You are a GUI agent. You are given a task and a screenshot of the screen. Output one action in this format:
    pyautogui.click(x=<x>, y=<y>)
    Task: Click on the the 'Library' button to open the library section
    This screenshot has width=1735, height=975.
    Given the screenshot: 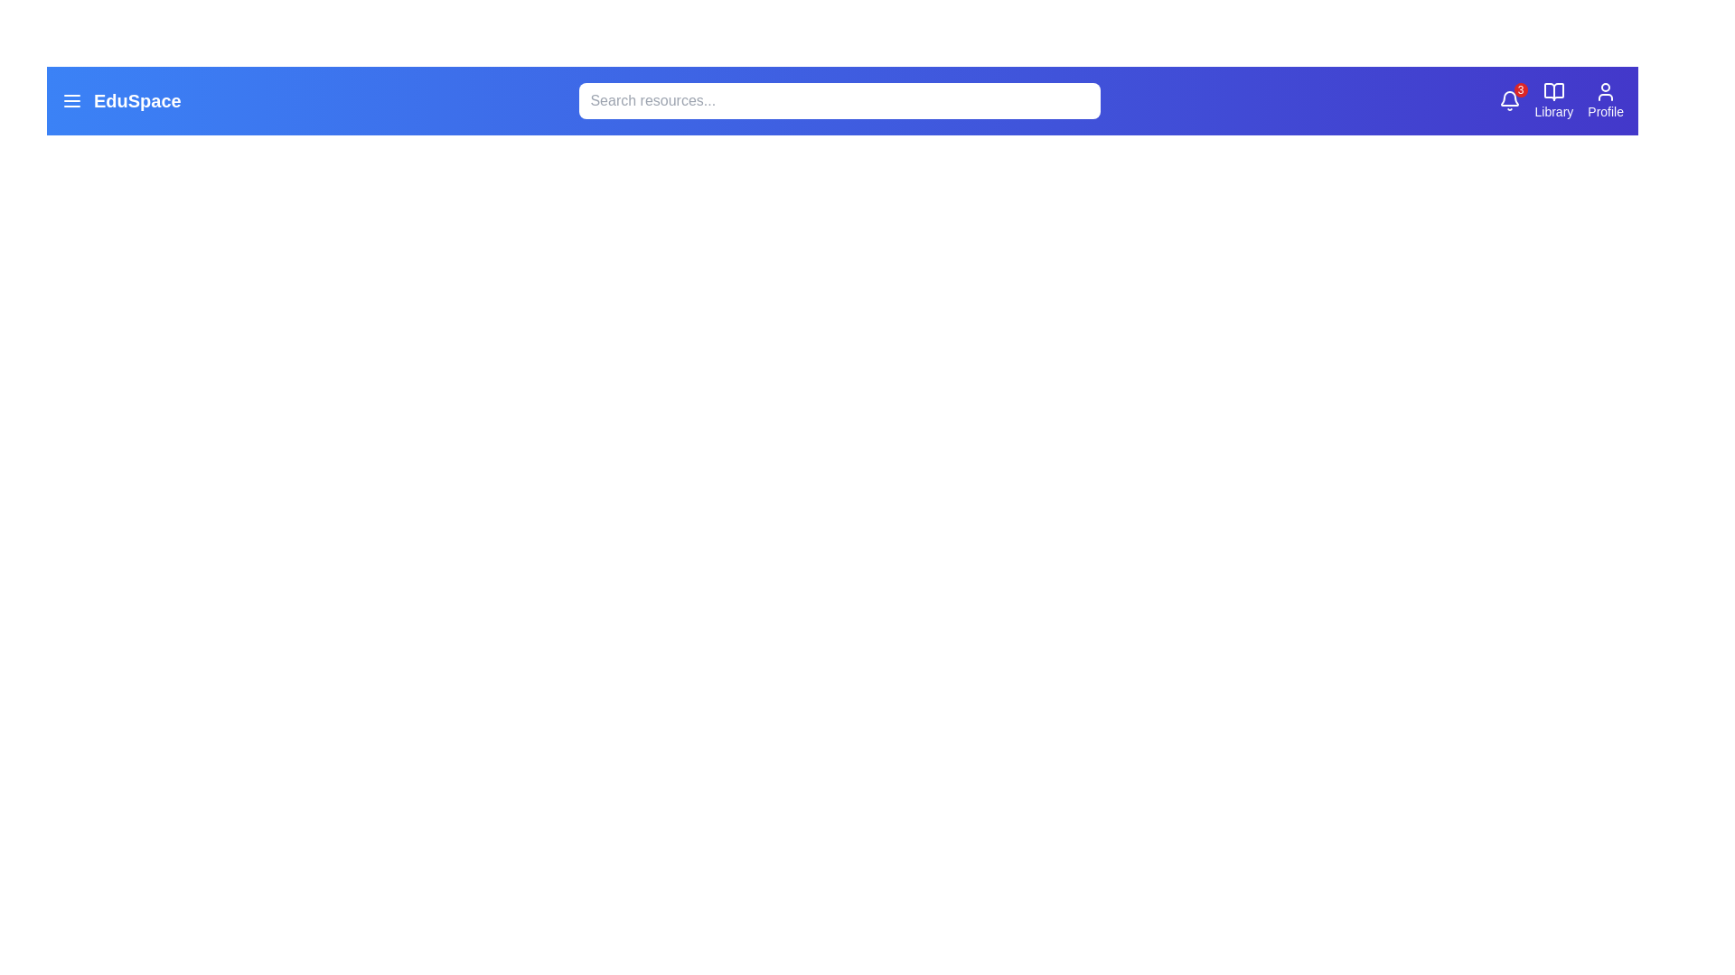 What is the action you would take?
    pyautogui.click(x=1552, y=100)
    